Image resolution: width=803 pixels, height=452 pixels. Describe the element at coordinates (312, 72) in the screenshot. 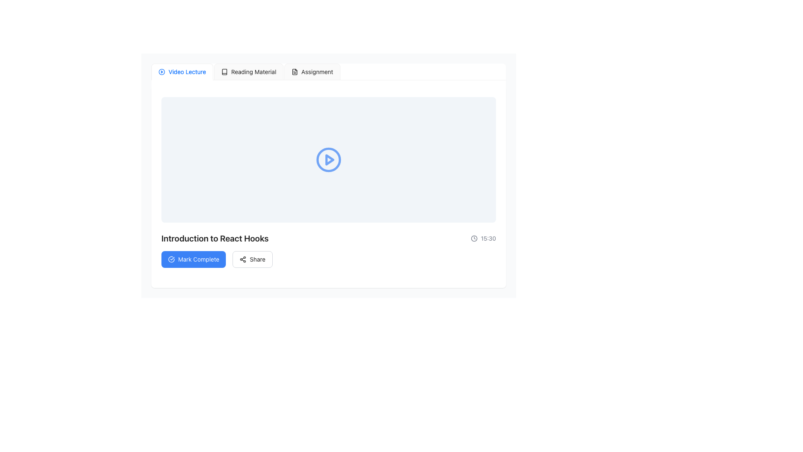

I see `the 'Assignment' tab` at that location.